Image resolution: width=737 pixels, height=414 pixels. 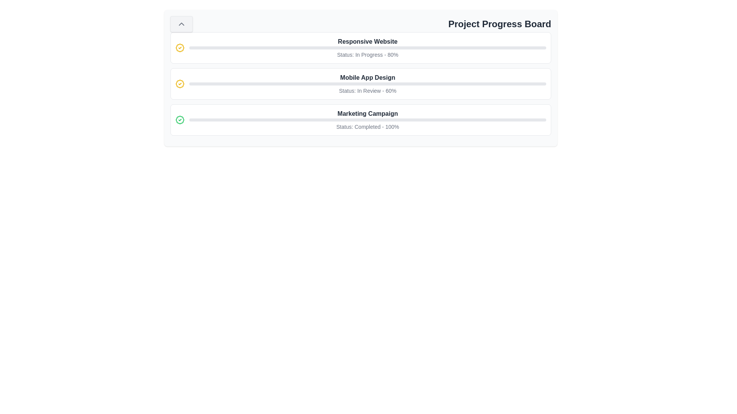 What do you see at coordinates (367, 84) in the screenshot?
I see `the progress bar or status text of the project entry list item located centrally within the second item of the vertical list, which shows its title and progress` at bounding box center [367, 84].